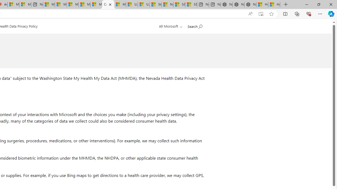  I want to click on 'Enter Immersive Reader (F9)', so click(261, 14).